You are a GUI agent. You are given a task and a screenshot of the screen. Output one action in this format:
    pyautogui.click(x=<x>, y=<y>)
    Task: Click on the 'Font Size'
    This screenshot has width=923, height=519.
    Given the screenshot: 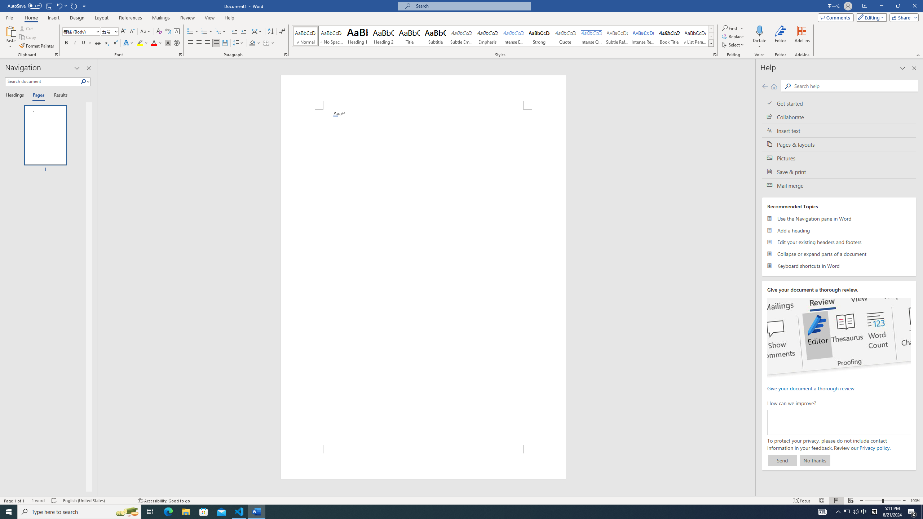 What is the action you would take?
    pyautogui.click(x=107, y=31)
    